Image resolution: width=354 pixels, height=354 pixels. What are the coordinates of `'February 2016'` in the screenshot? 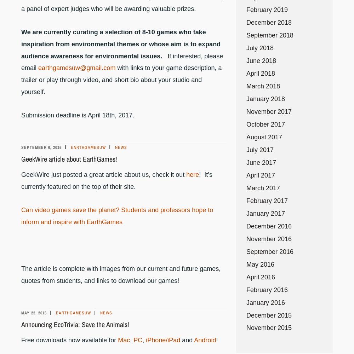 It's located at (267, 289).